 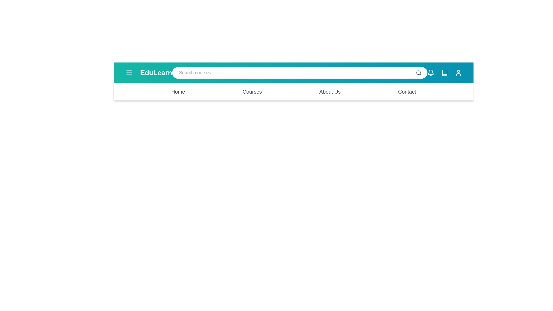 I want to click on the bell icon to open notifications, so click(x=431, y=73).